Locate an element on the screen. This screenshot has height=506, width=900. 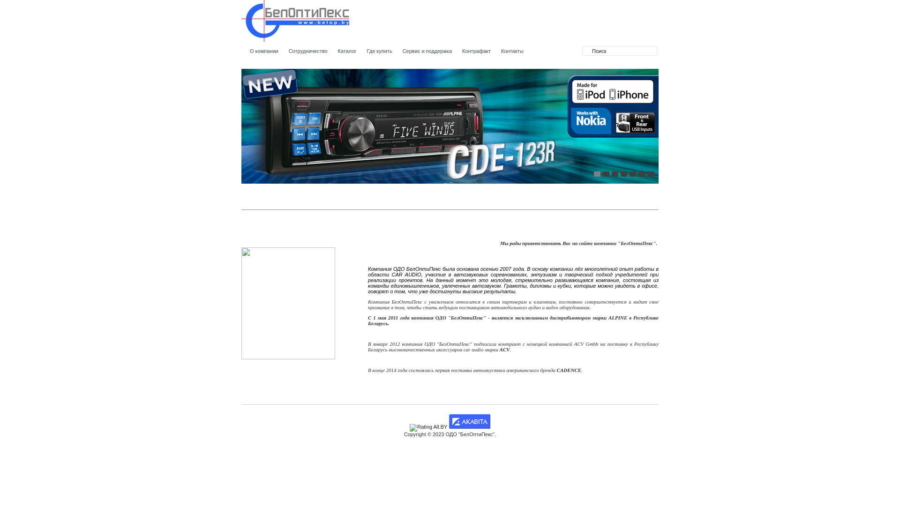
'2' is located at coordinates (606, 174).